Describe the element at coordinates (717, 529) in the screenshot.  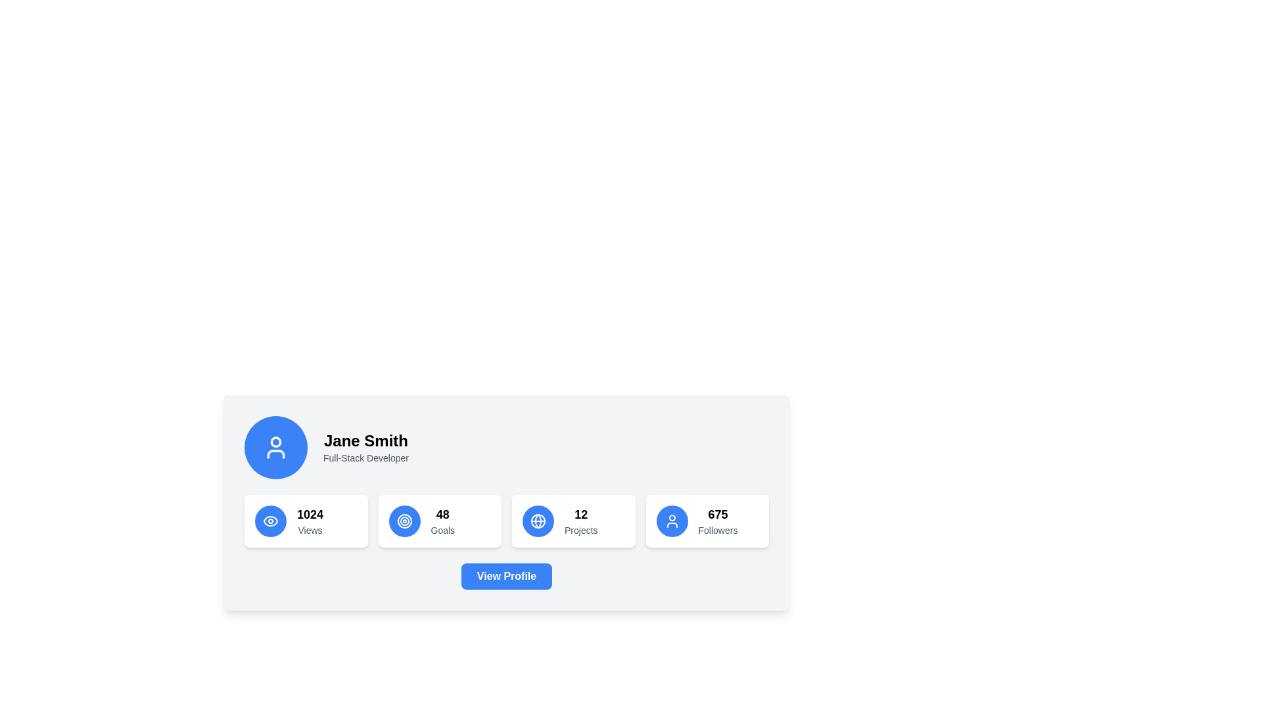
I see `text from the 'Followers' label, which is a grayish text label located below the numeric value '675' in the profile card` at that location.